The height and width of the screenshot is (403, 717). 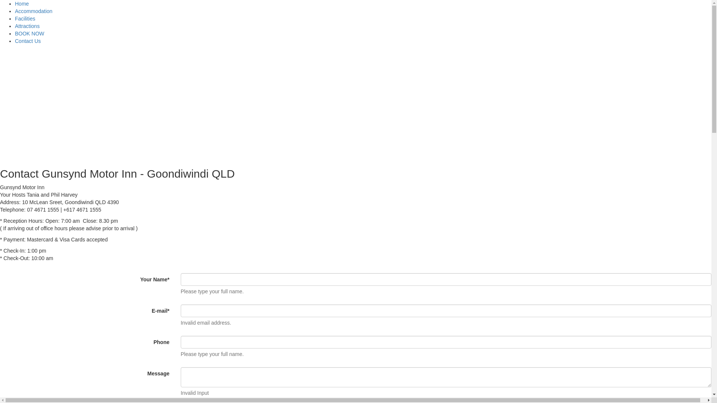 What do you see at coordinates (25, 18) in the screenshot?
I see `'Facilities'` at bounding box center [25, 18].